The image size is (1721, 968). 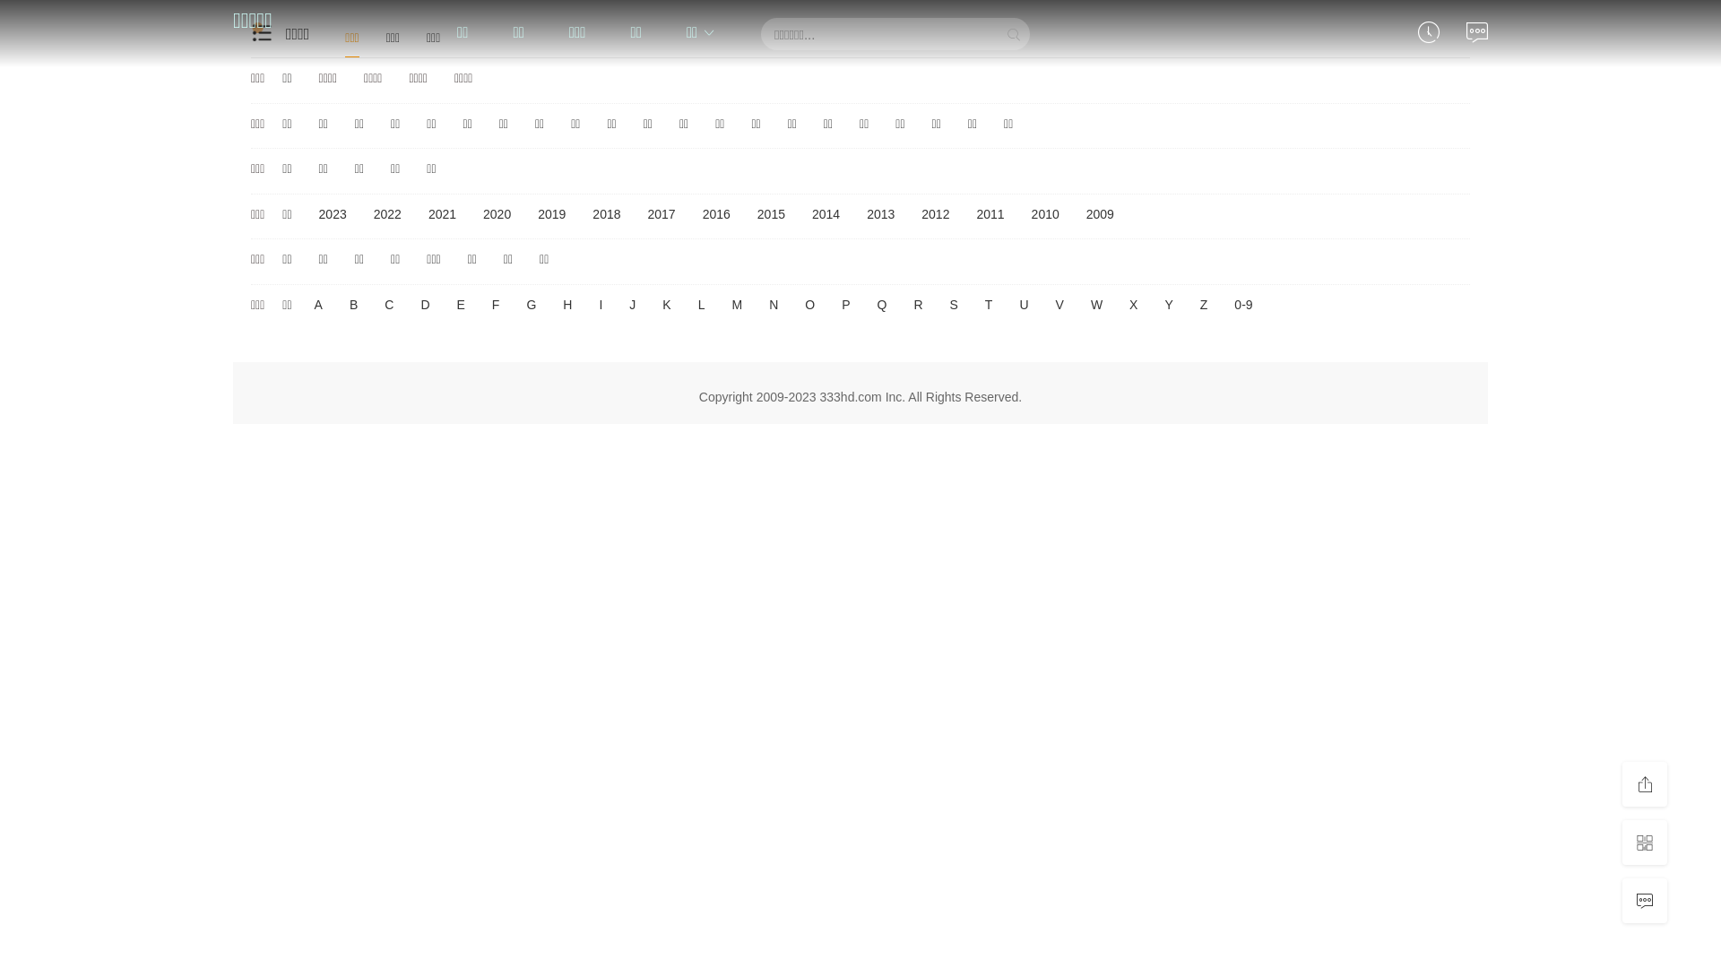 What do you see at coordinates (665, 304) in the screenshot?
I see `'K'` at bounding box center [665, 304].